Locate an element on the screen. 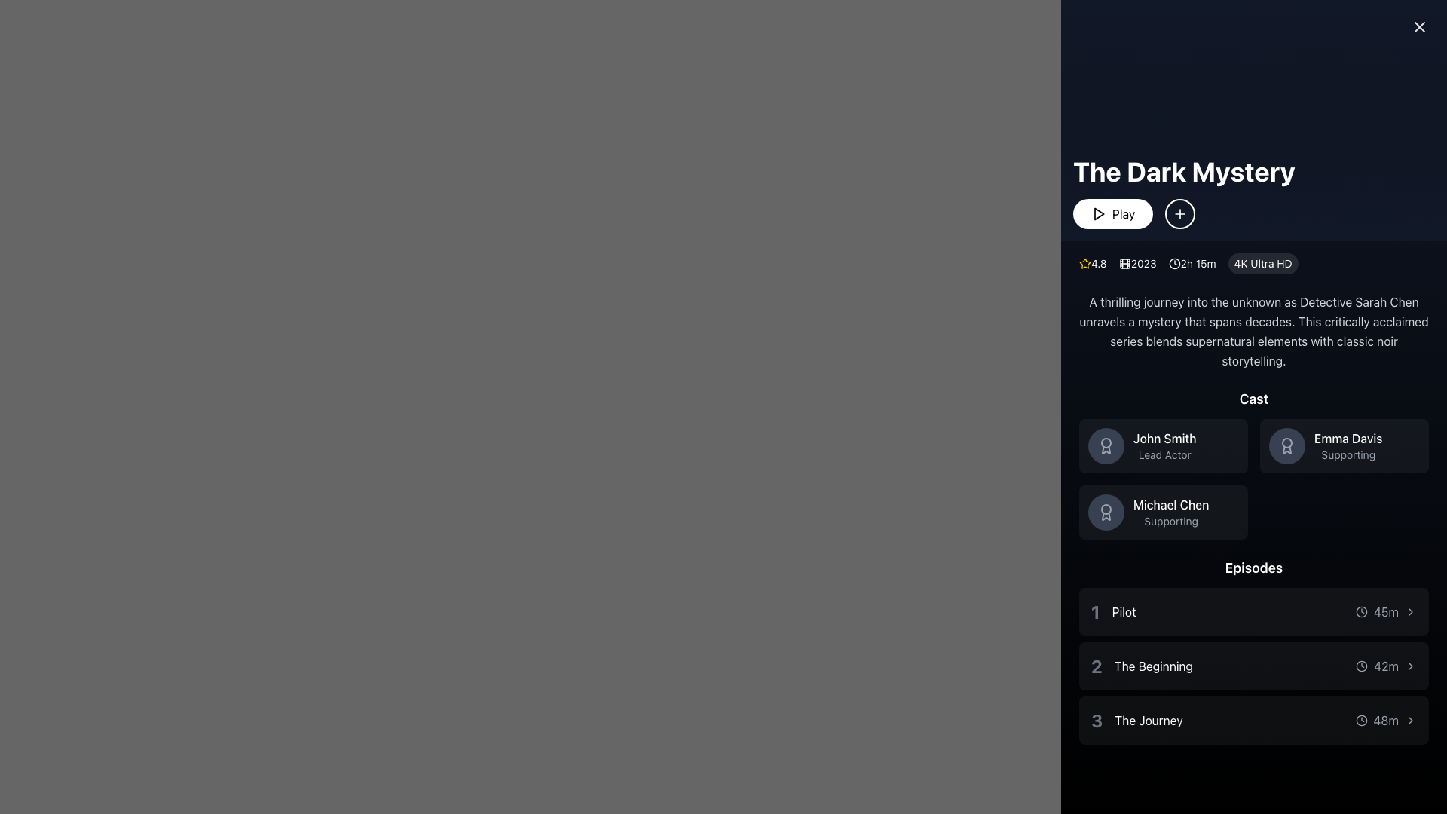 This screenshot has width=1447, height=814. the small circular button with a '+' icon is located at coordinates (1179, 214).